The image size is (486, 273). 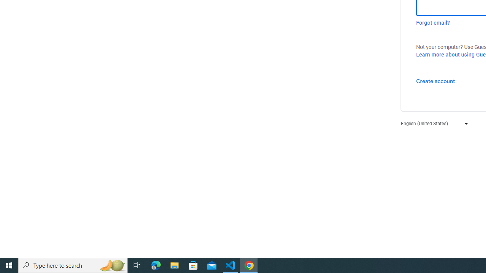 What do you see at coordinates (433, 22) in the screenshot?
I see `'Forgot email?'` at bounding box center [433, 22].